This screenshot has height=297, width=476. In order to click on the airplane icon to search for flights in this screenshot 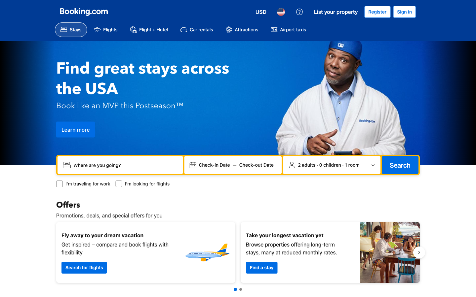, I will do `click(105, 29)`.